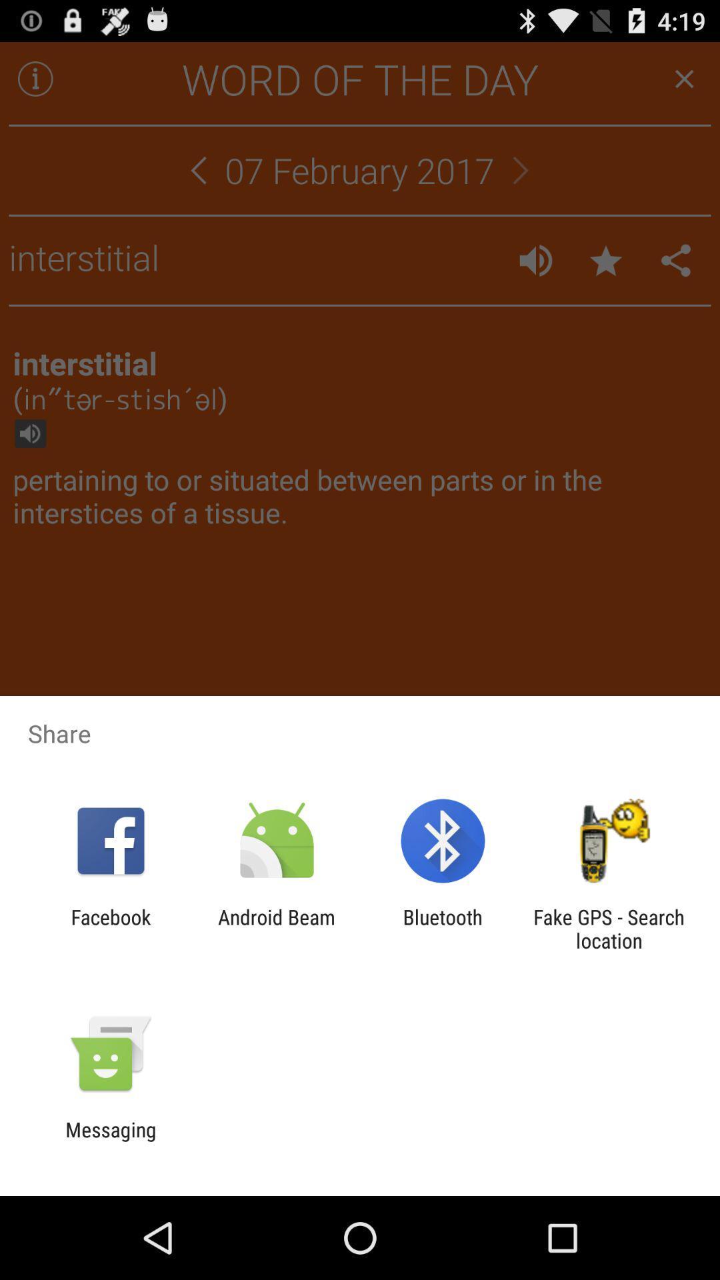 The image size is (720, 1280). What do you see at coordinates (443, 928) in the screenshot?
I see `the icon to the left of the fake gps search app` at bounding box center [443, 928].